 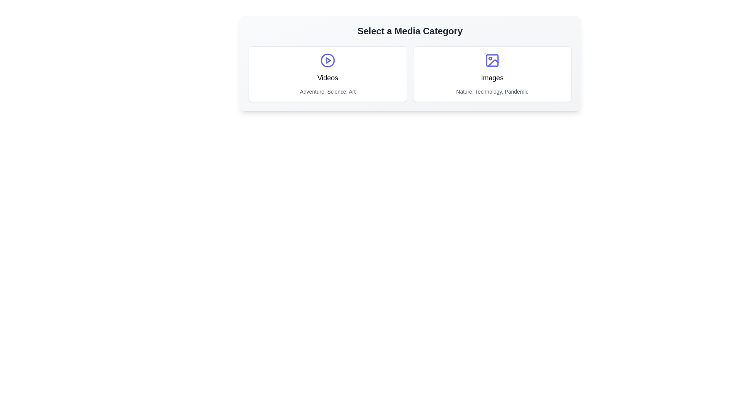 I want to click on the category Videos, so click(x=327, y=74).